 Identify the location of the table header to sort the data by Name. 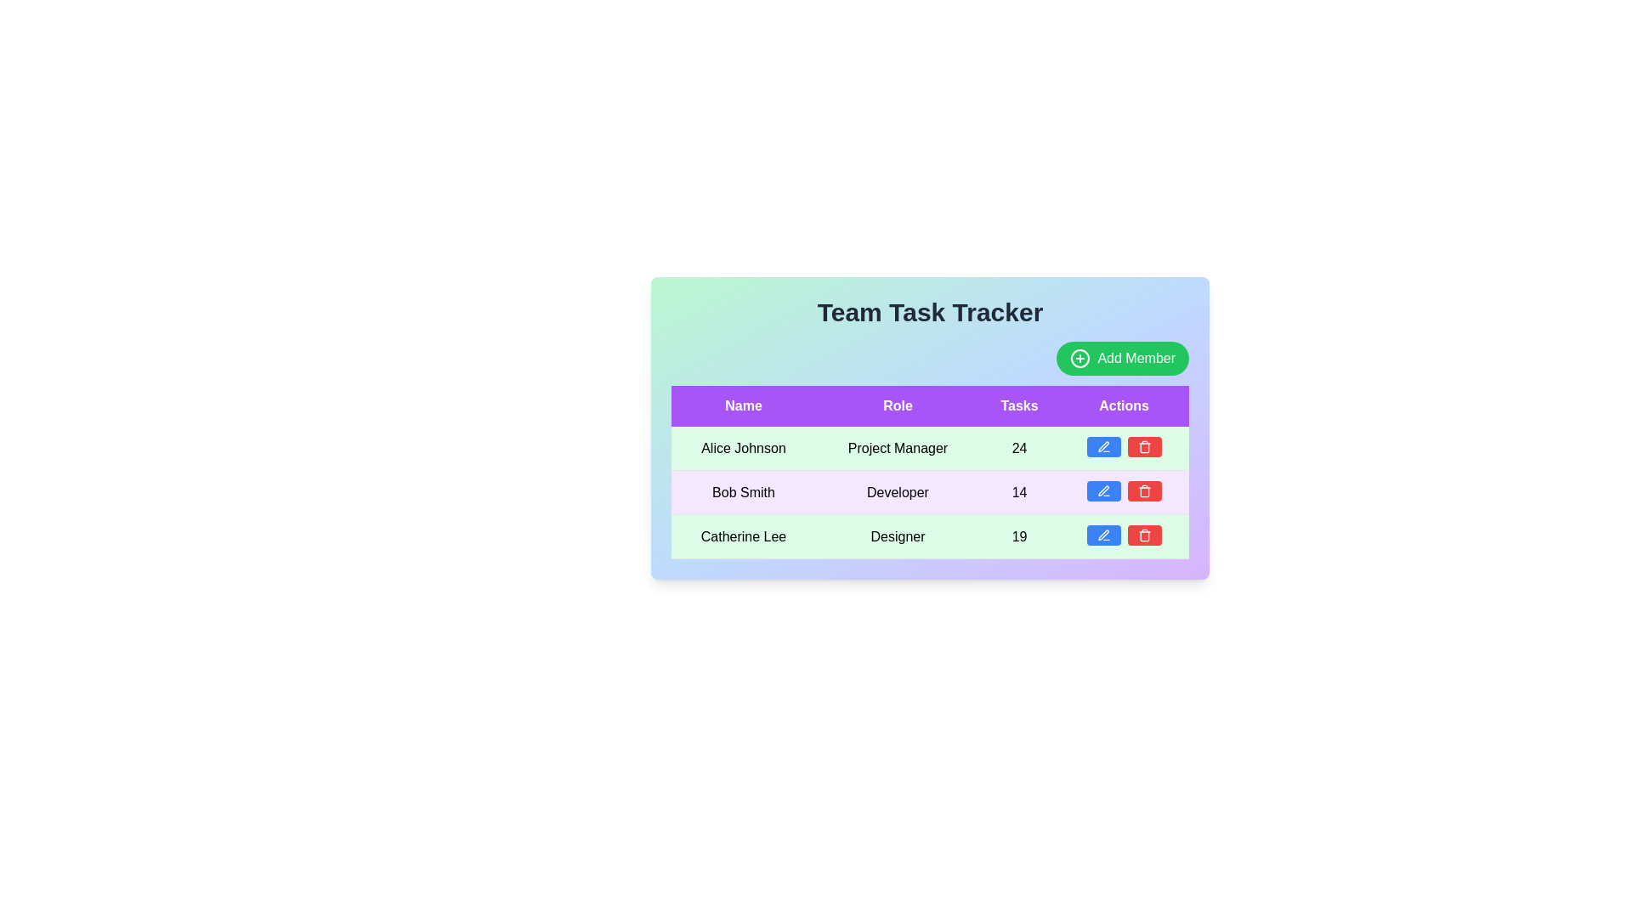
(743, 406).